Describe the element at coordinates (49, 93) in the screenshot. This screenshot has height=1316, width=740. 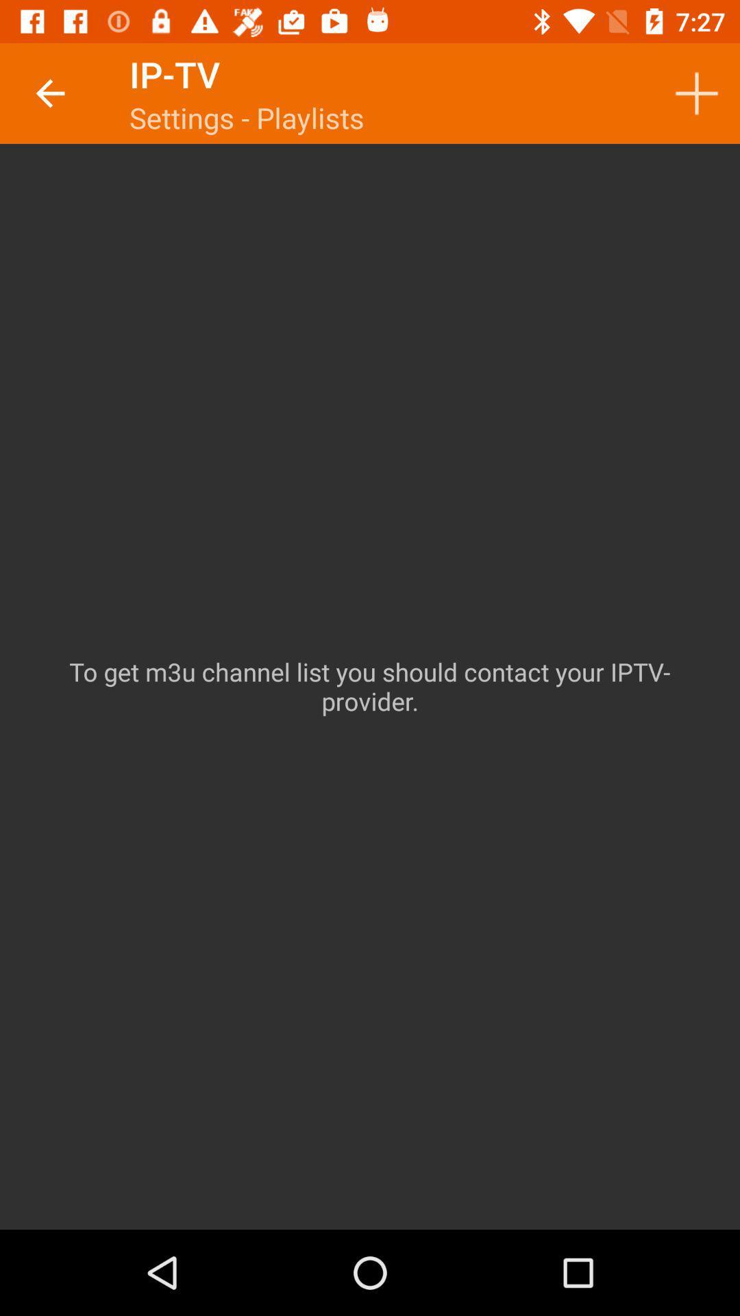
I see `icon next to ip-tv item` at that location.